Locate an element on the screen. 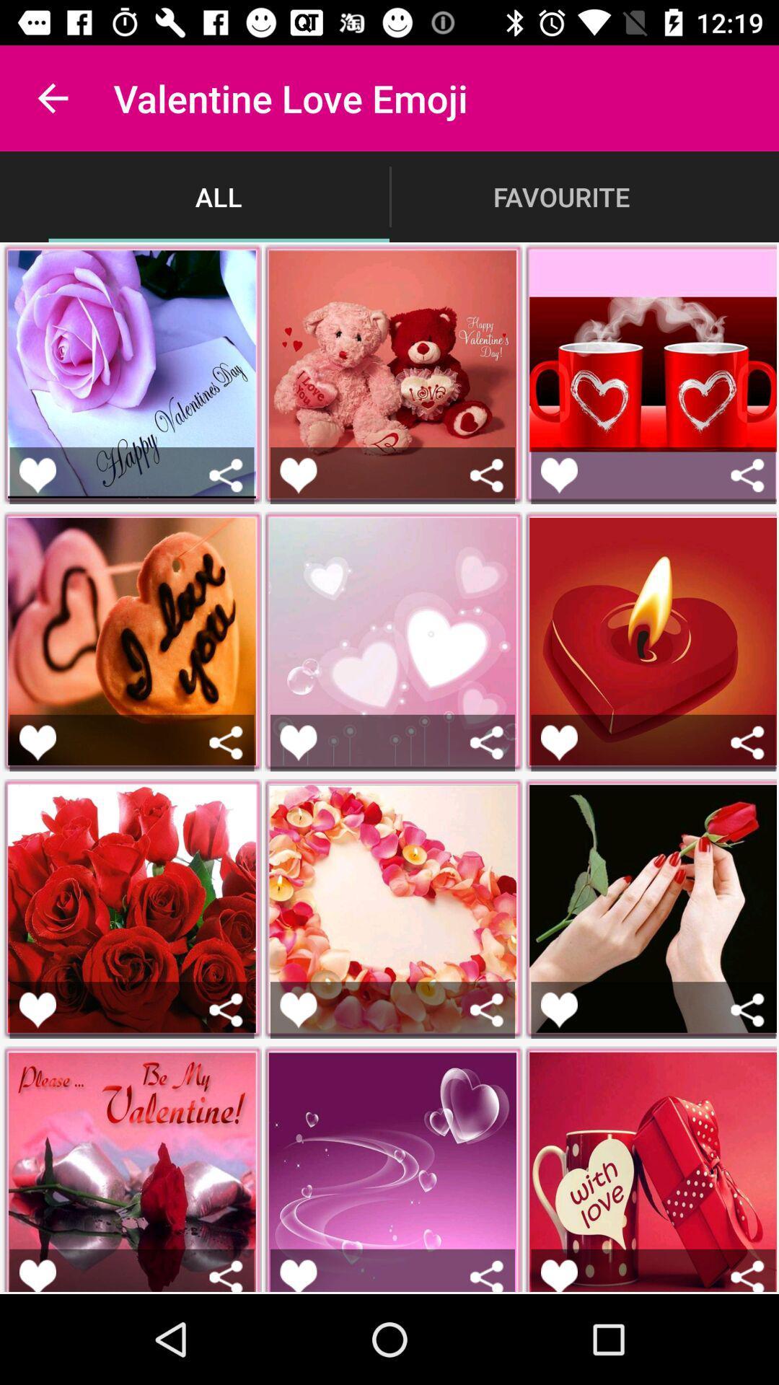 This screenshot has height=1385, width=779. share picture is located at coordinates (226, 475).